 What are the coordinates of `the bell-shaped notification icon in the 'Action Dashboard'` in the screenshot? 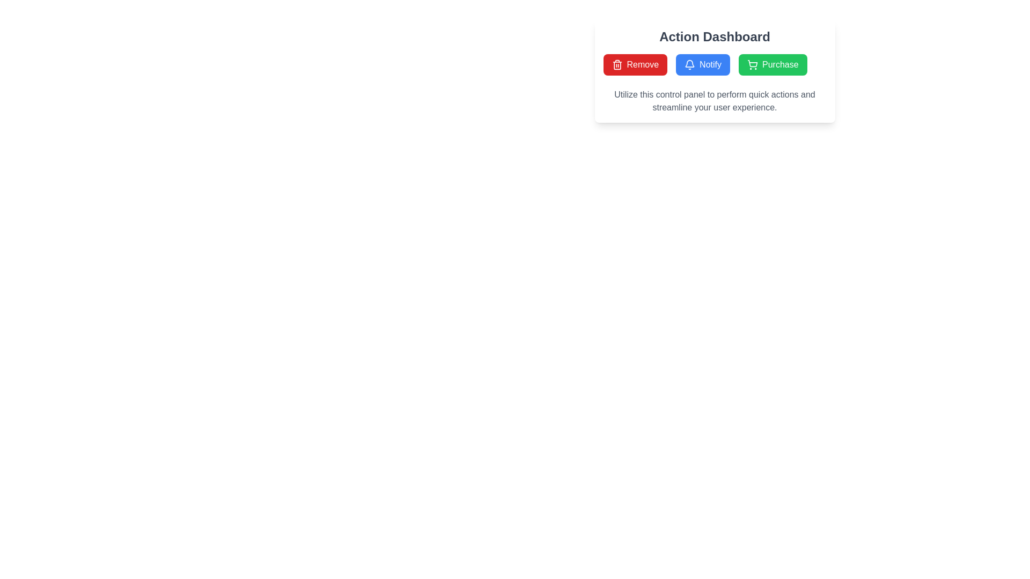 It's located at (690, 63).